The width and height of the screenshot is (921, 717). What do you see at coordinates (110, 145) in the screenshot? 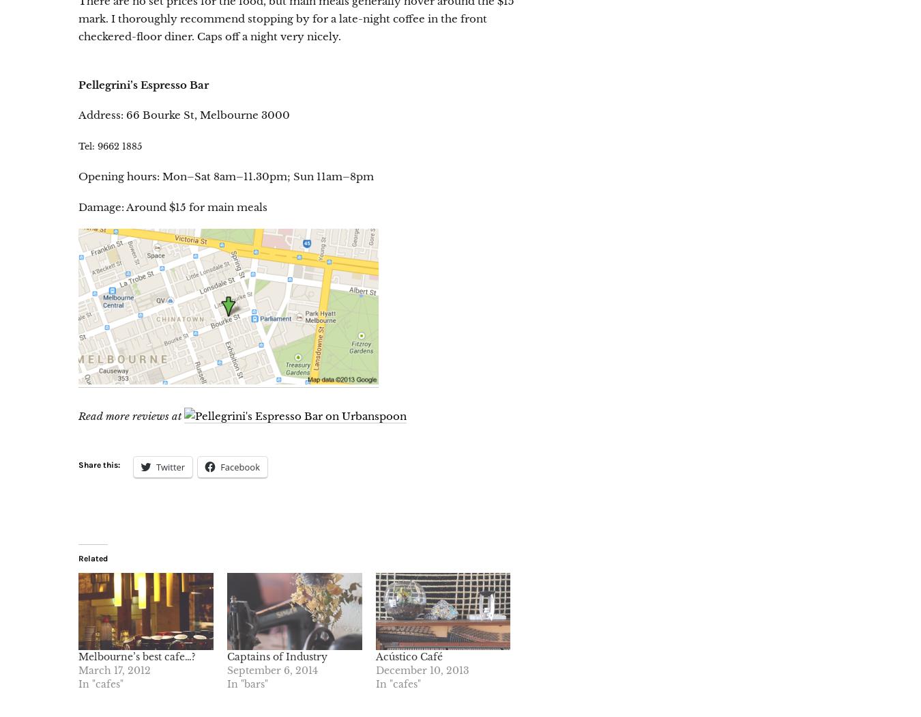
I see `'Tel: 9662 1885'` at bounding box center [110, 145].